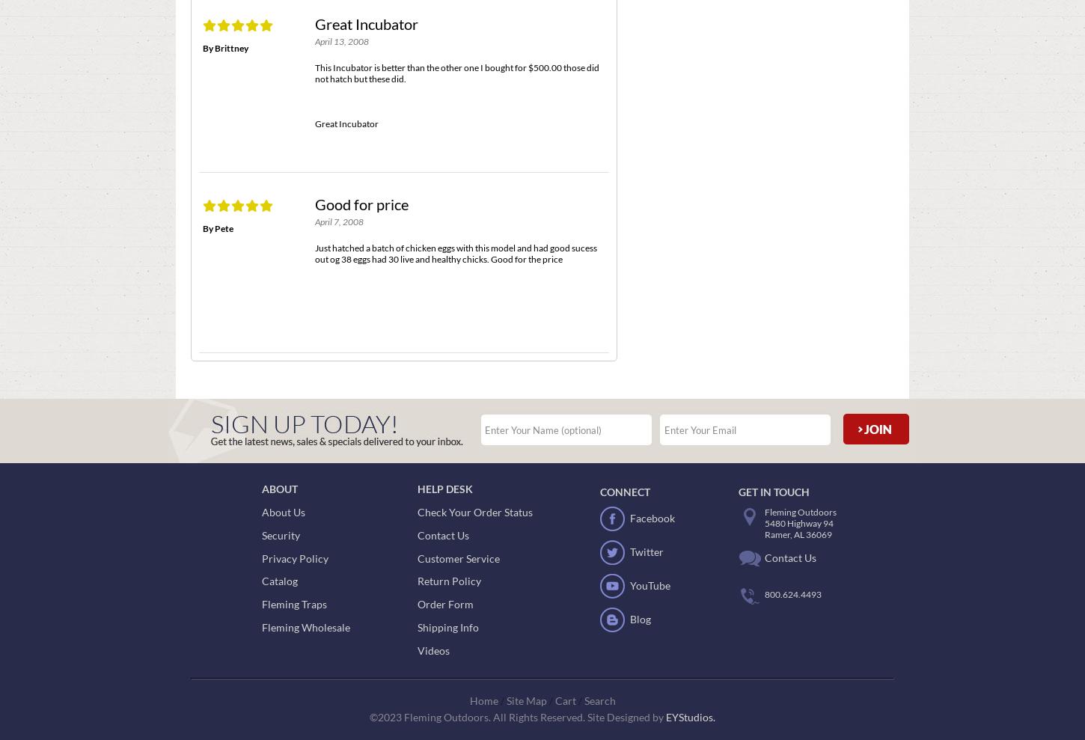 Image resolution: width=1085 pixels, height=740 pixels. Describe the element at coordinates (690, 716) in the screenshot. I see `'EYStudios.'` at that location.